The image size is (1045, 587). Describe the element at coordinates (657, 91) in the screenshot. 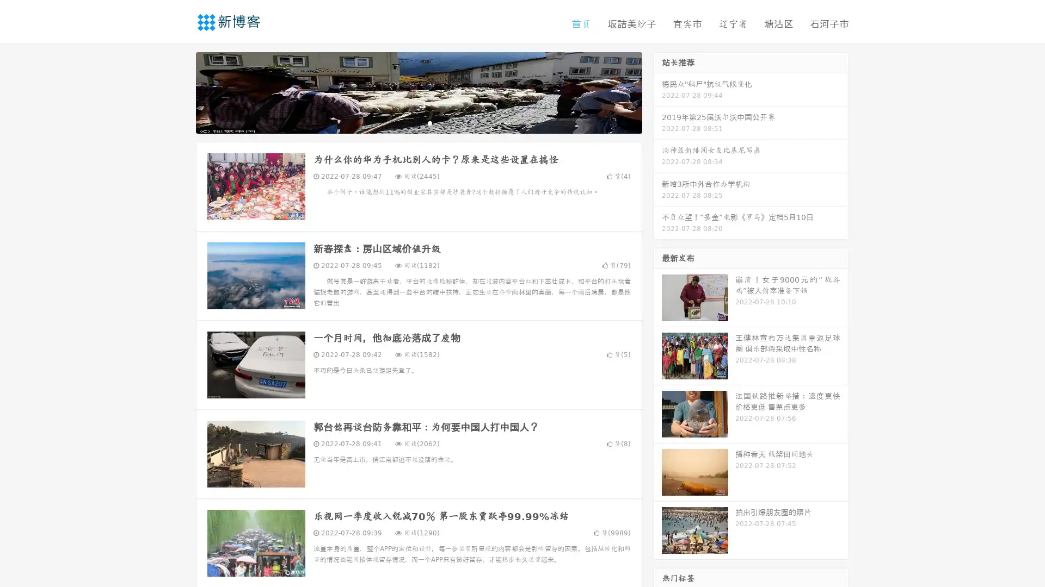

I see `Next slide` at that location.